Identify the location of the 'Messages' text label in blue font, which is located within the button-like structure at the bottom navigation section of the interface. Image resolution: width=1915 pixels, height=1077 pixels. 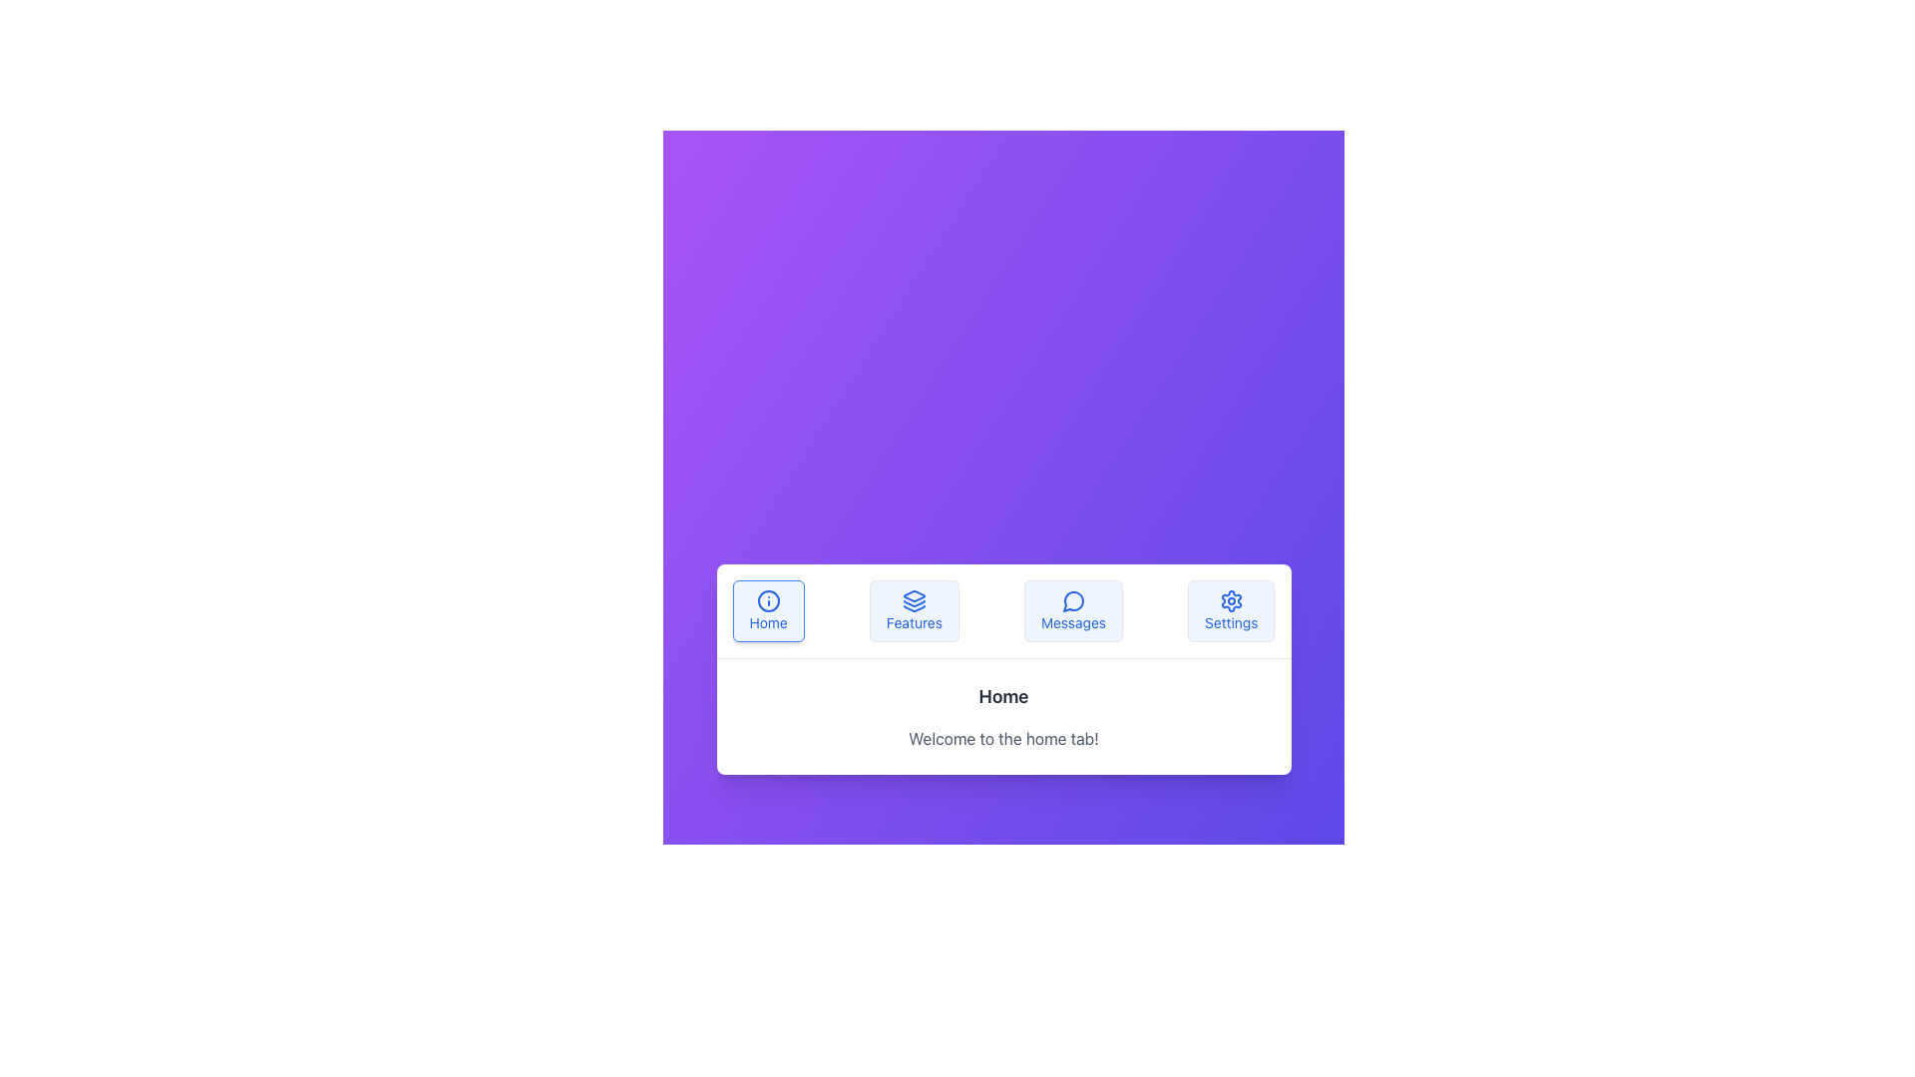
(1072, 621).